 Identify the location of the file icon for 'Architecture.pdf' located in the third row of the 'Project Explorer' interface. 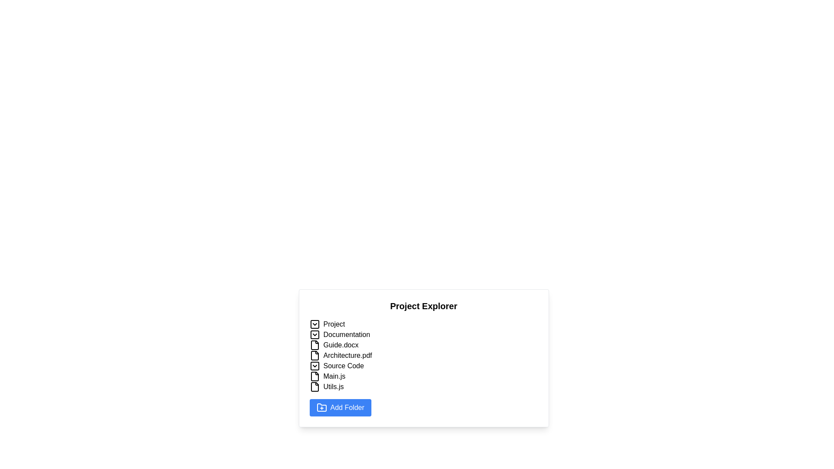
(314, 355).